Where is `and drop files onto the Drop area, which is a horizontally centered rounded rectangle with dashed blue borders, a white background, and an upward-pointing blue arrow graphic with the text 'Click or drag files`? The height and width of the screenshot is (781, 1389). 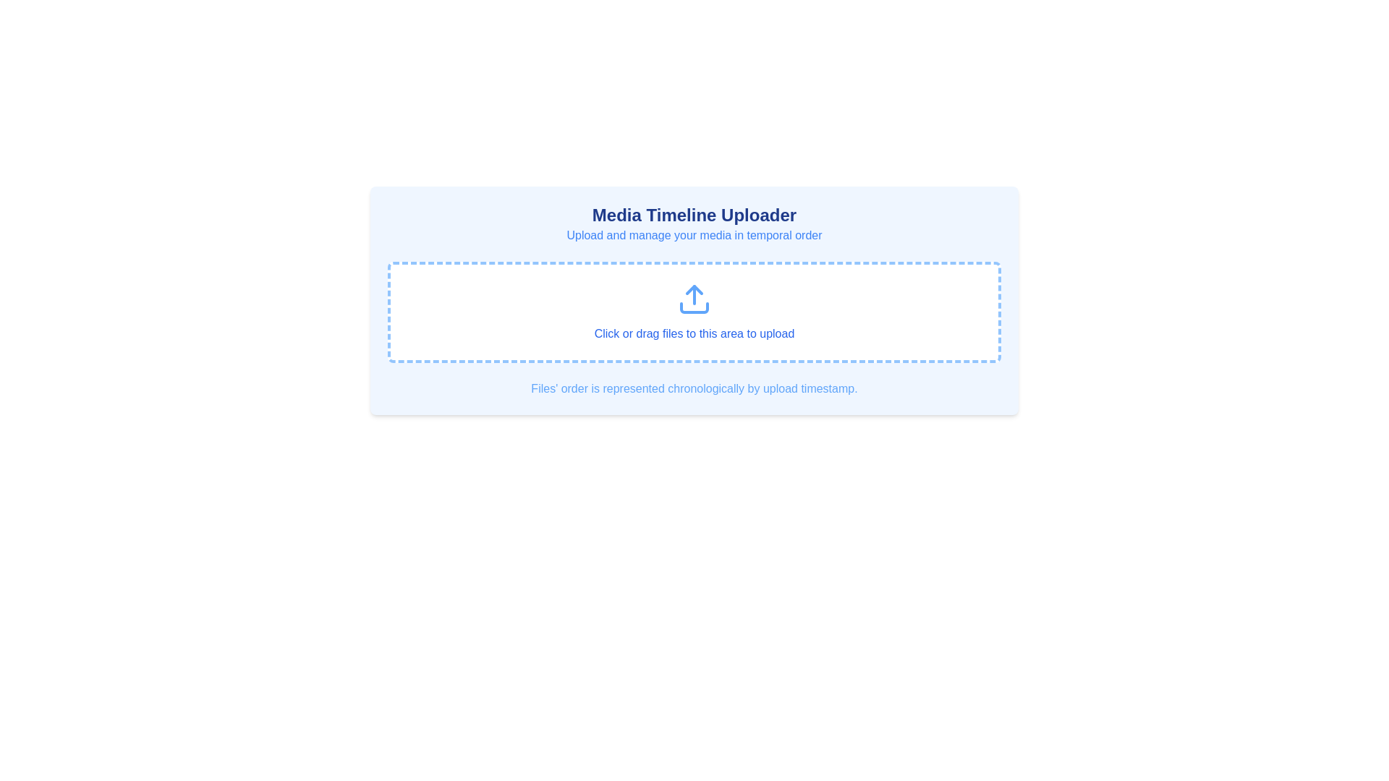 and drop files onto the Drop area, which is a horizontally centered rounded rectangle with dashed blue borders, a white background, and an upward-pointing blue arrow graphic with the text 'Click or drag files is located at coordinates (694, 312).